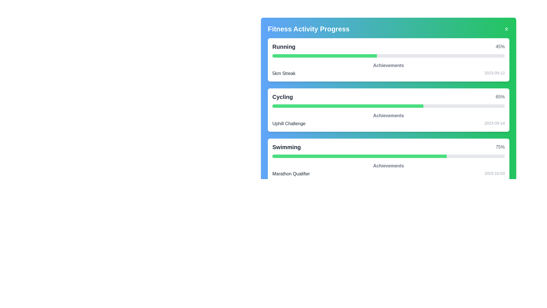 This screenshot has width=547, height=308. Describe the element at coordinates (324, 56) in the screenshot. I see `the progress bar representing the 'Running' activity, located at the top of the vertical list of progress bars` at that location.